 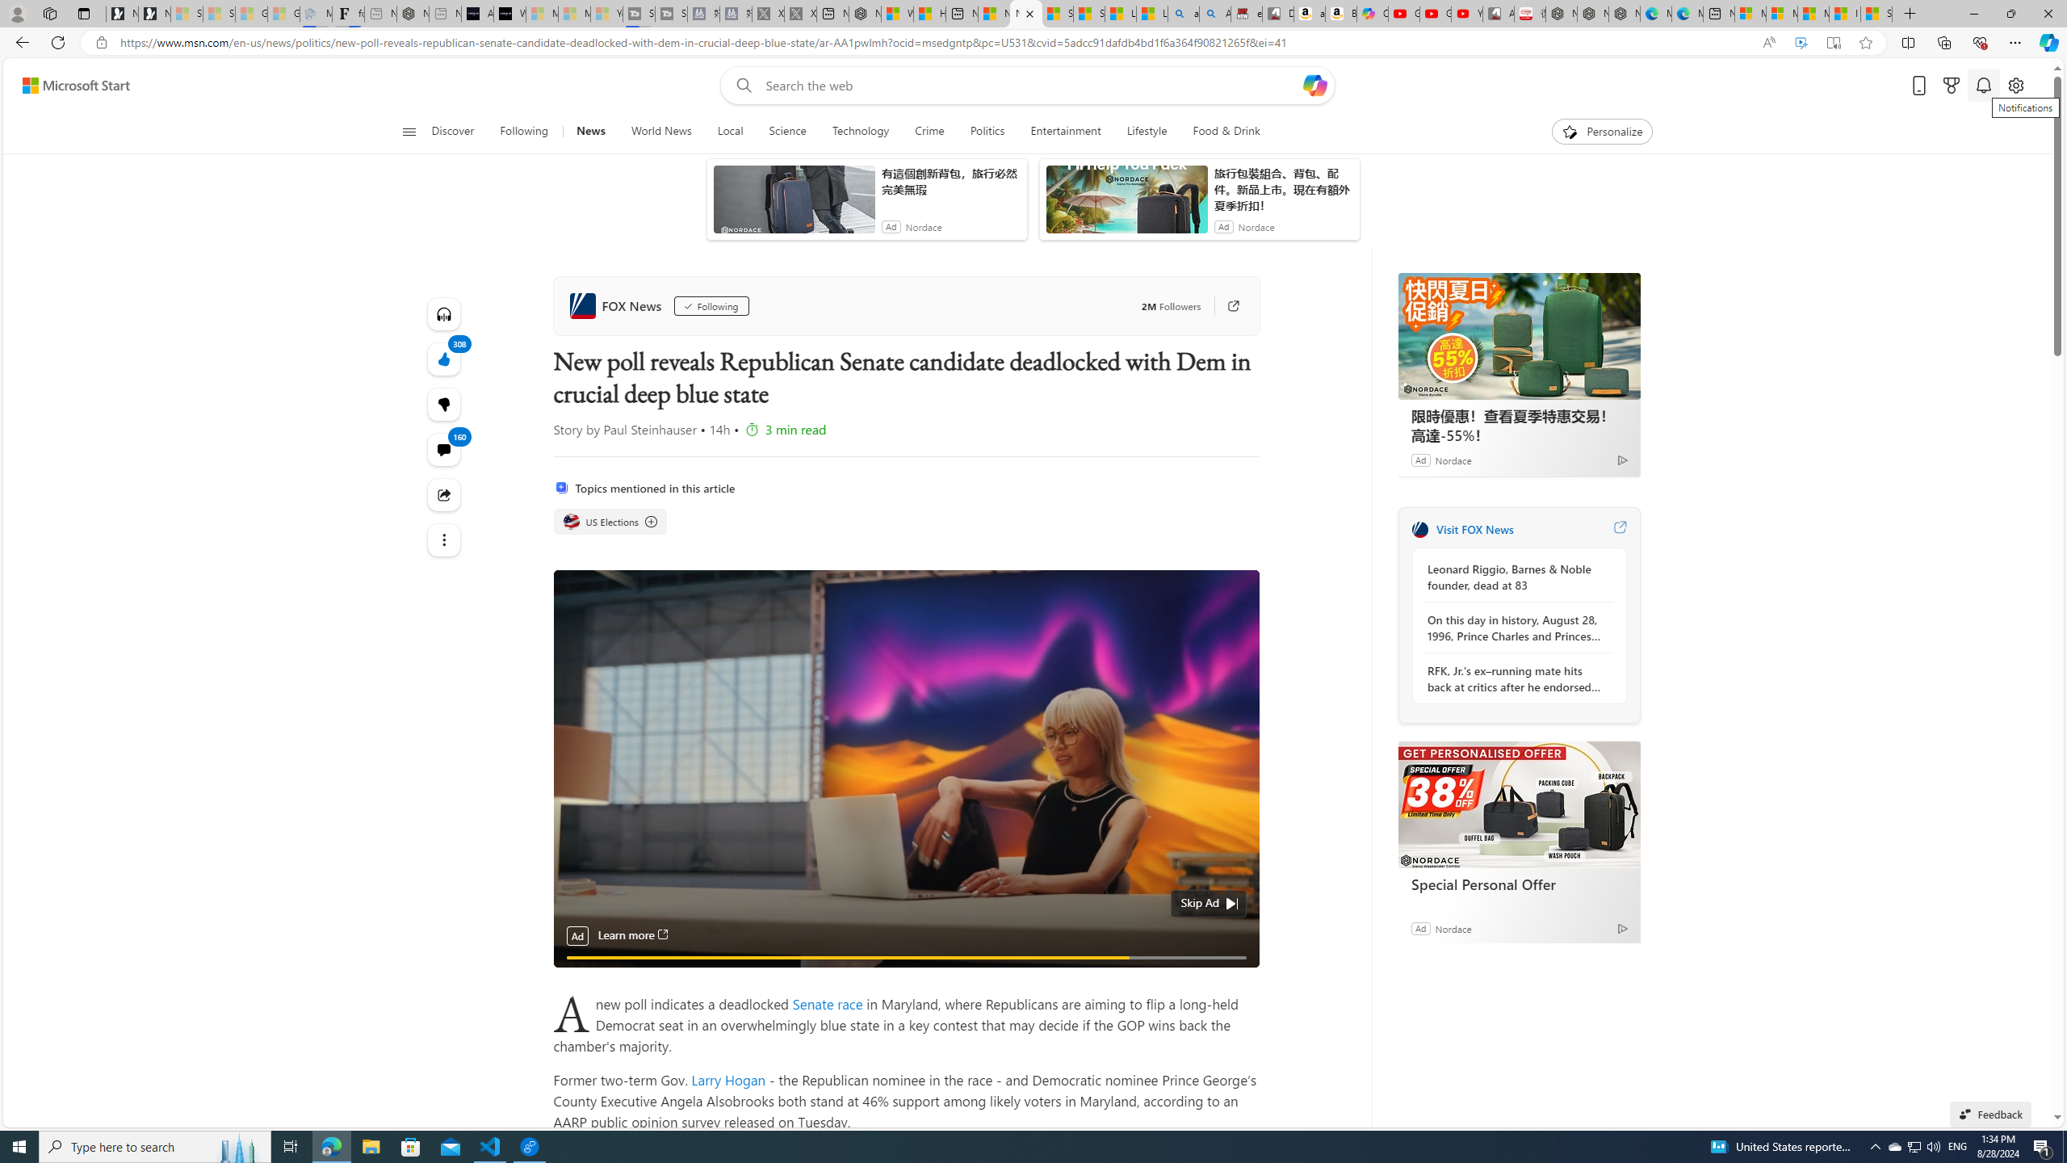 What do you see at coordinates (865, 13) in the screenshot?
I see `'Nordace - My Account'` at bounding box center [865, 13].